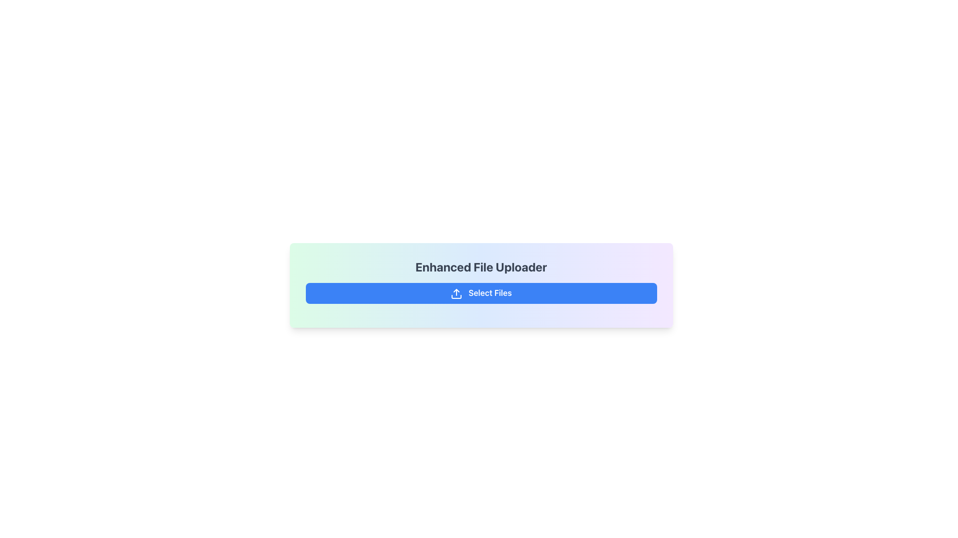 The width and height of the screenshot is (958, 538). Describe the element at coordinates (456, 293) in the screenshot. I see `the upload icon located on the left side of the 'Select Files' button, which is a blue button near the bottom of the interface` at that location.